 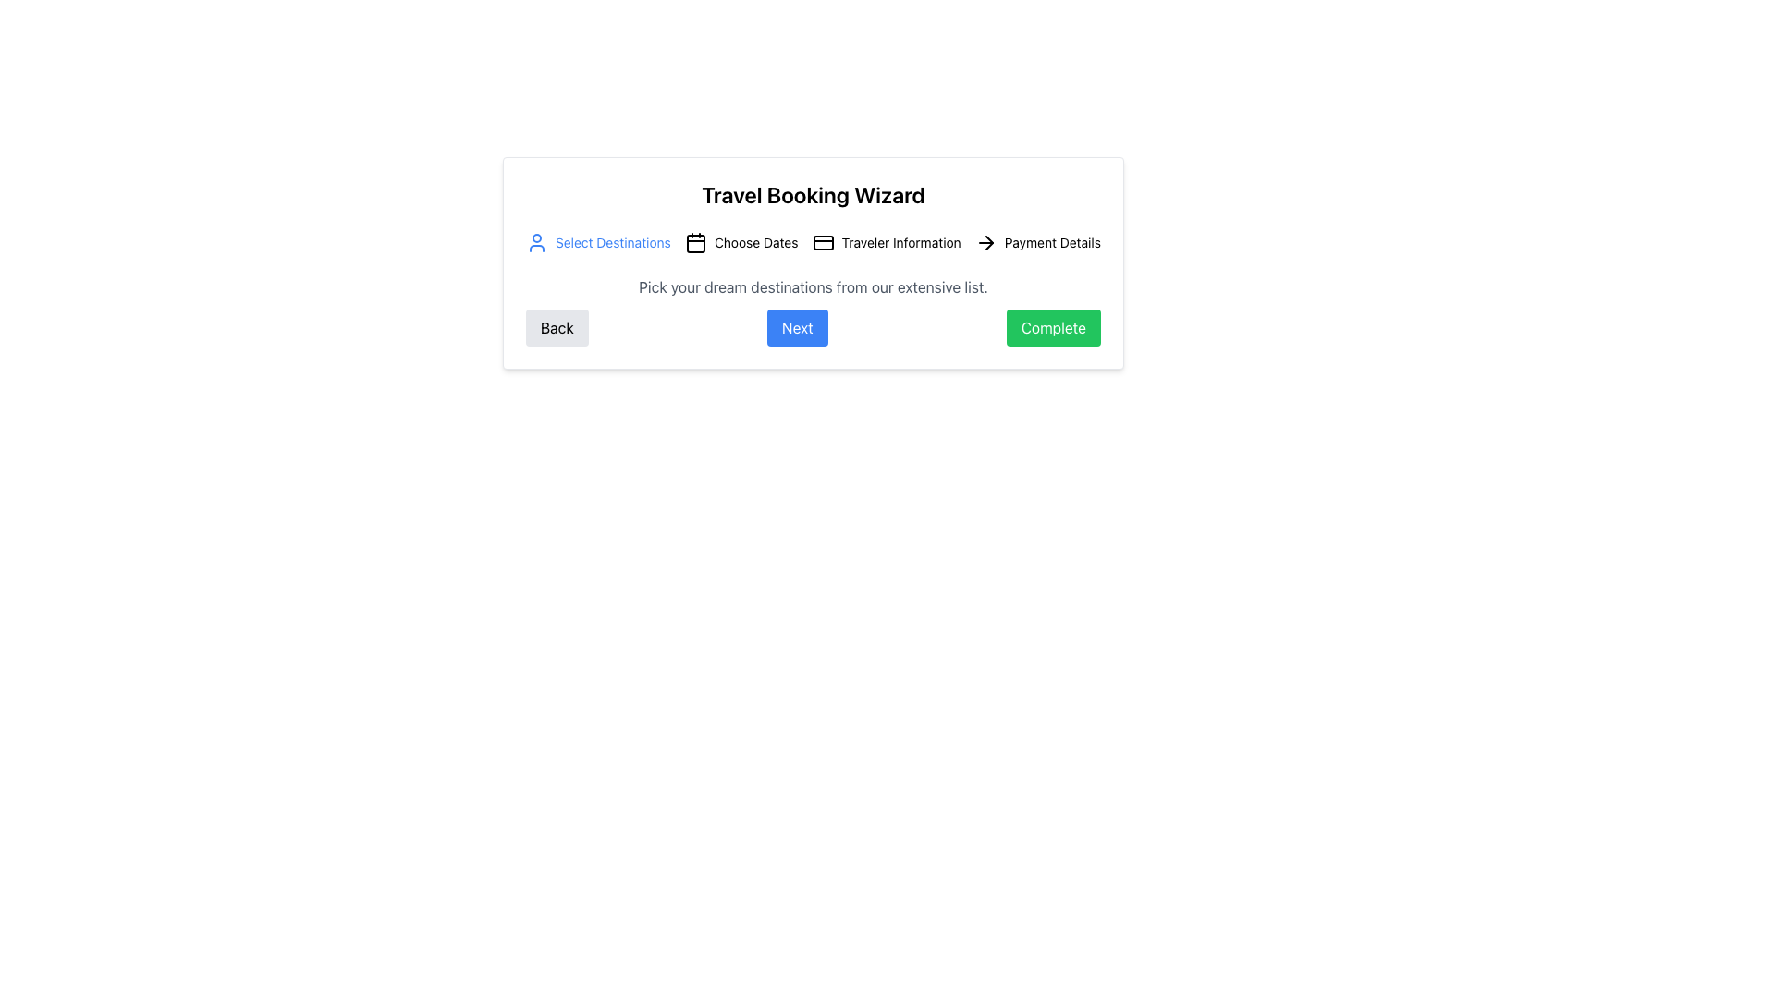 I want to click on the 'Payment Details' label which is the fourth item in the 'Travel Booking Wizard' interface, located in the top-right area and includes an arrow icon to the left of the text, so click(x=1038, y=241).